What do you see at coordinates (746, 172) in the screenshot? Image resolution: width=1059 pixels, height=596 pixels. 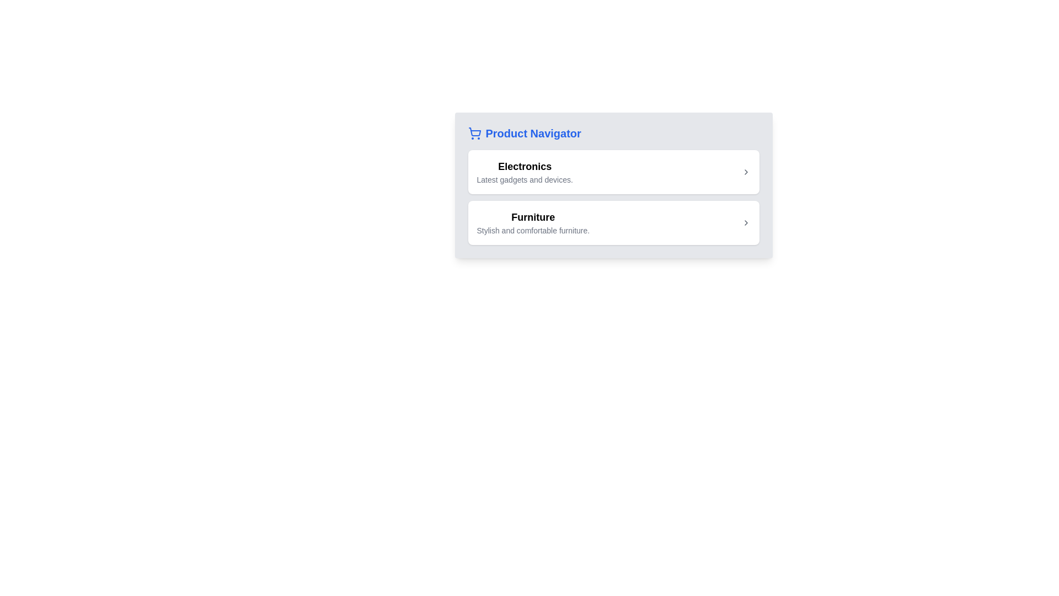 I see `the chevron icon aligned` at bounding box center [746, 172].